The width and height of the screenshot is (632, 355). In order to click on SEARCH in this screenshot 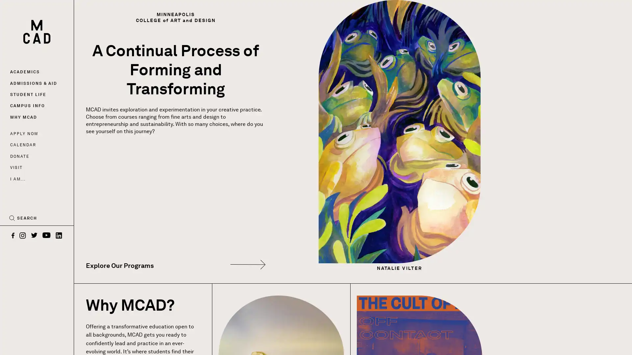, I will do `click(23, 218)`.